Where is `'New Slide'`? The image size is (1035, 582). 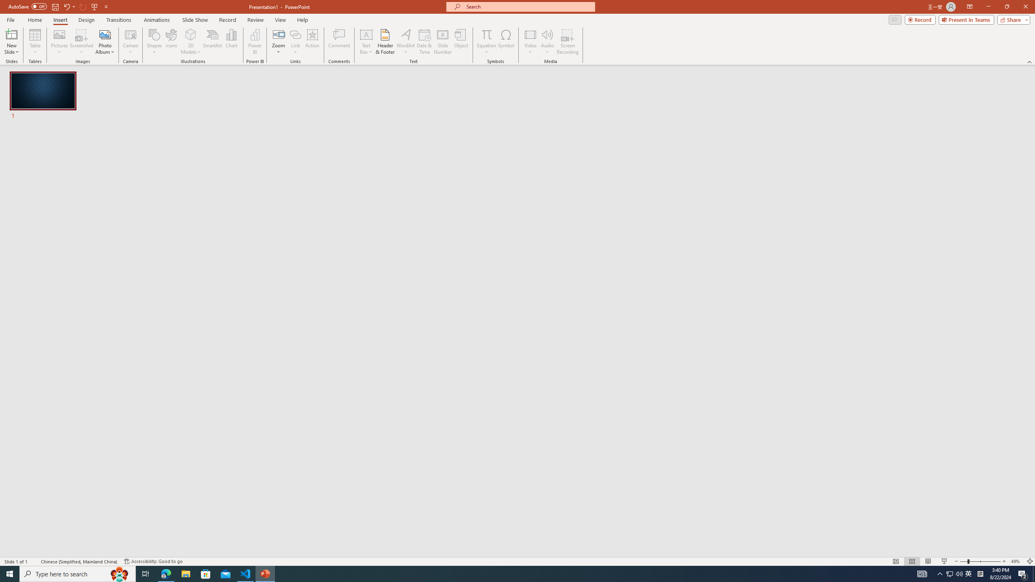
'New Slide' is located at coordinates (11, 42).